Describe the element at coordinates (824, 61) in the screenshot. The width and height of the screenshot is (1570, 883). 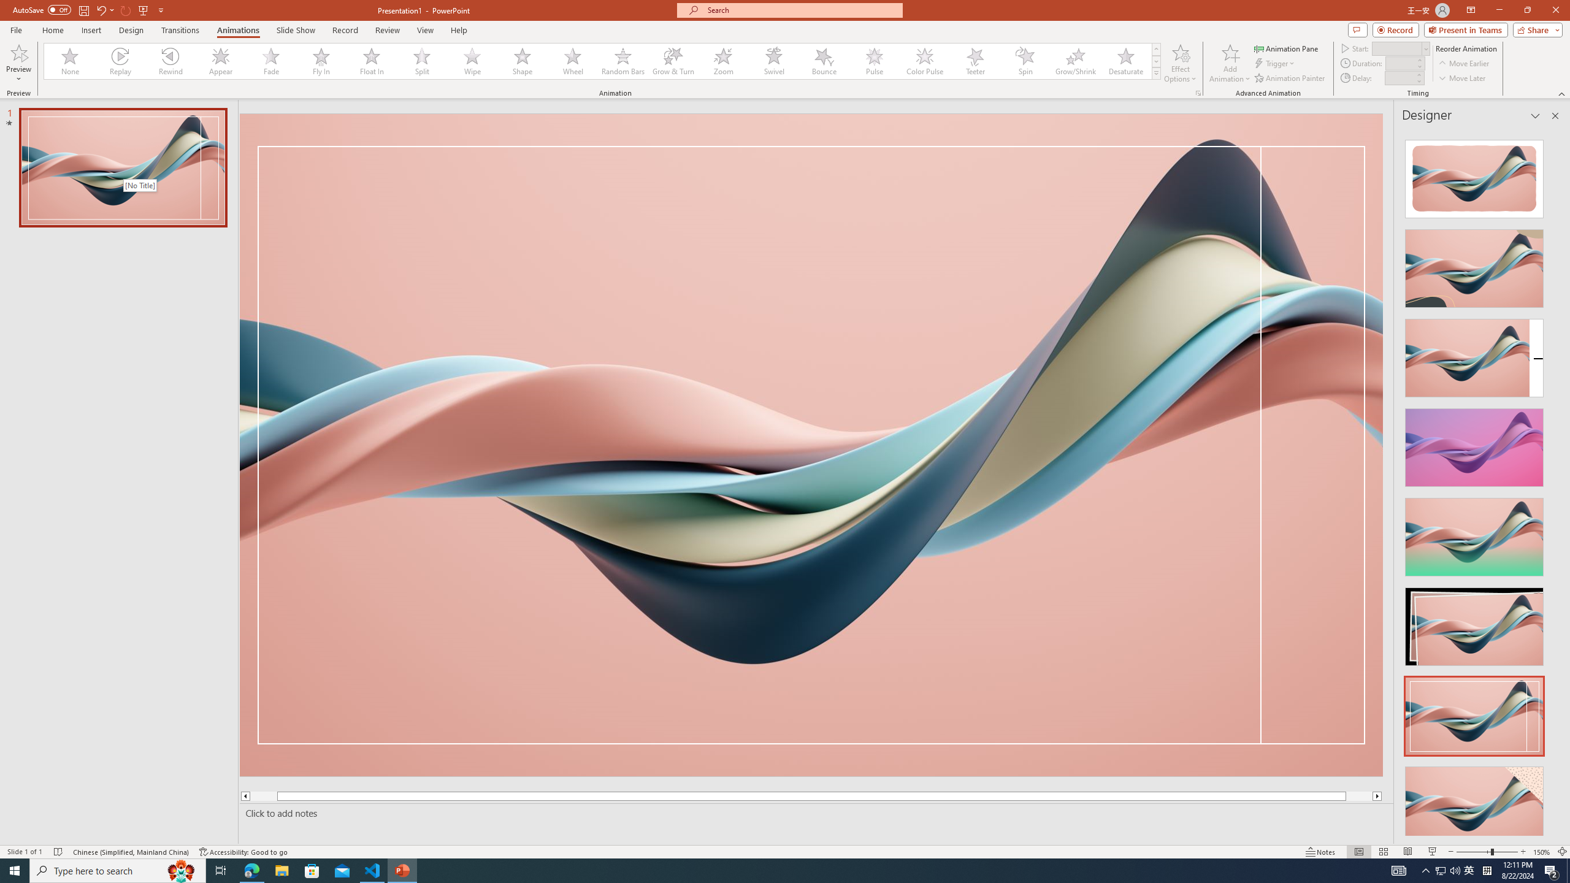
I see `'Bounce'` at that location.